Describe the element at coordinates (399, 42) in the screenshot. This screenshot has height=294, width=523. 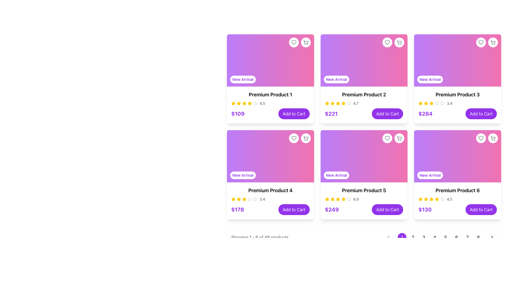
I see `the quick shopping action button located in the top-right corner of the card labeled 'Premium Product 2'` at that location.